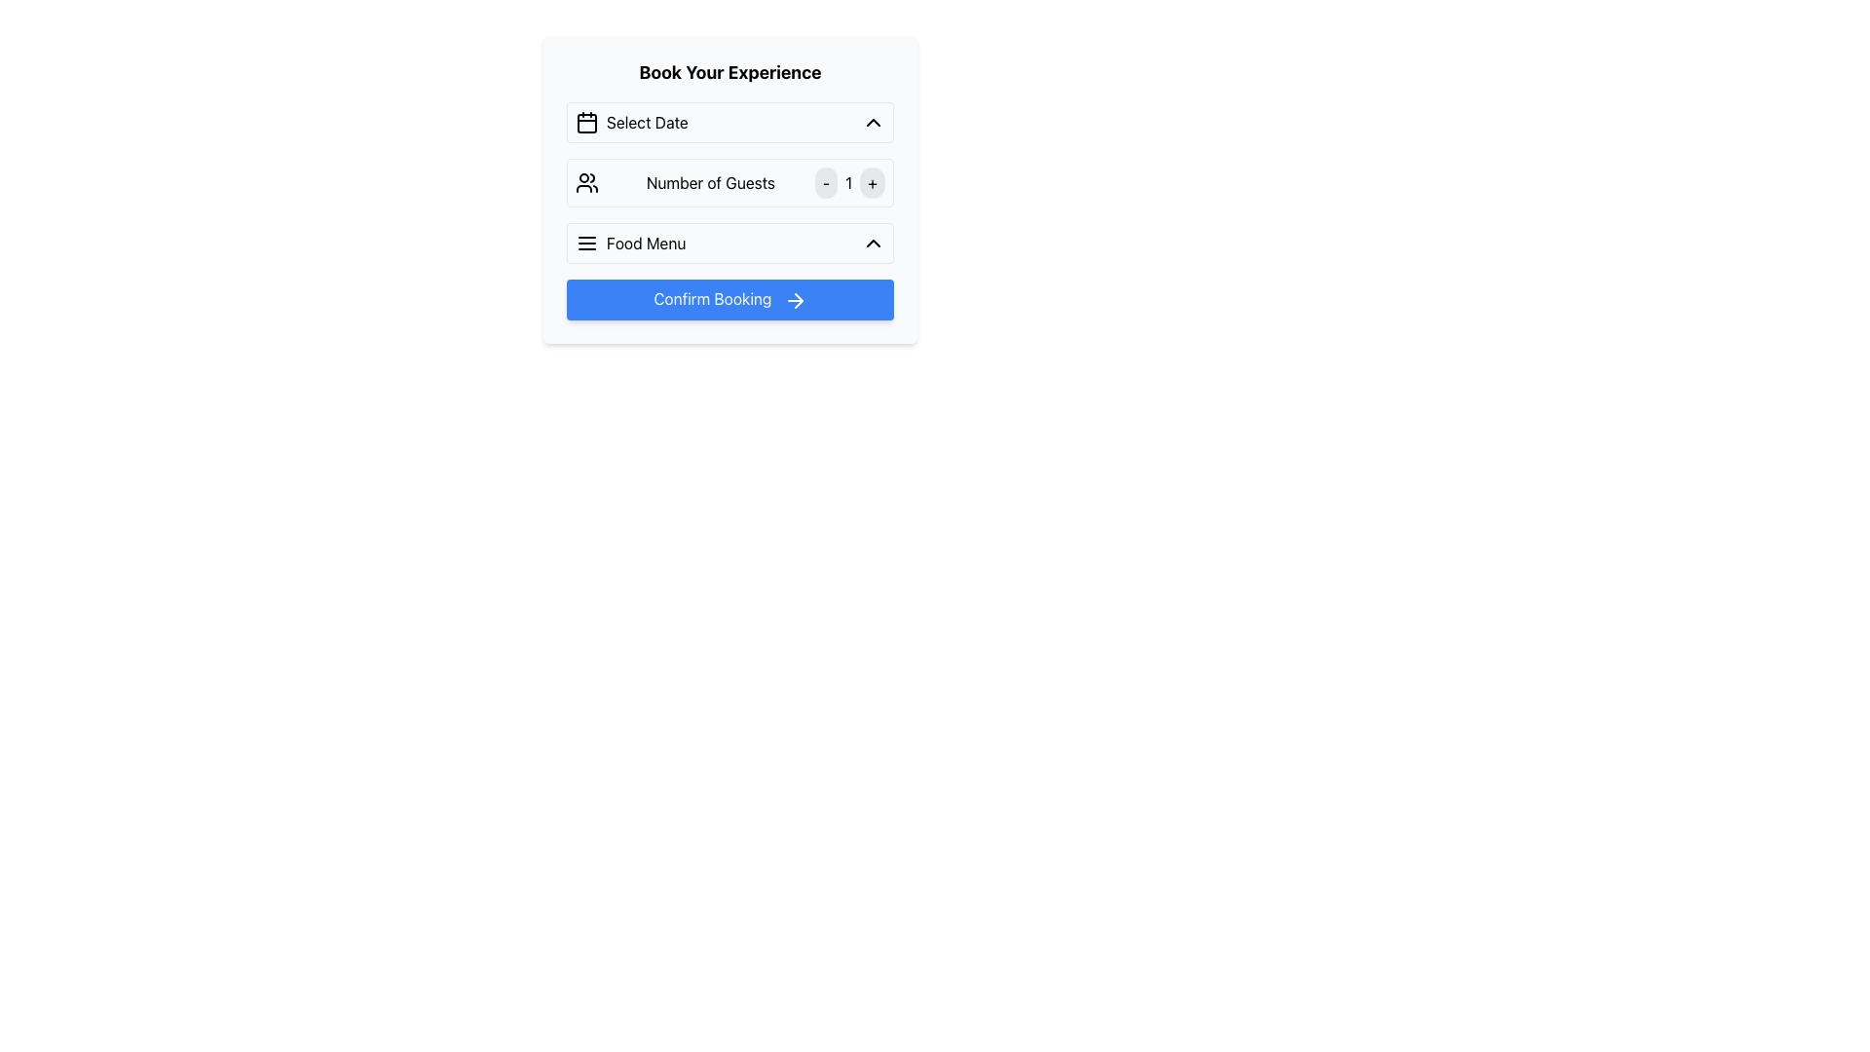  I want to click on the rightward arrow icon with a blue background located on the right end of the 'Confirm Booking' button, so click(795, 300).